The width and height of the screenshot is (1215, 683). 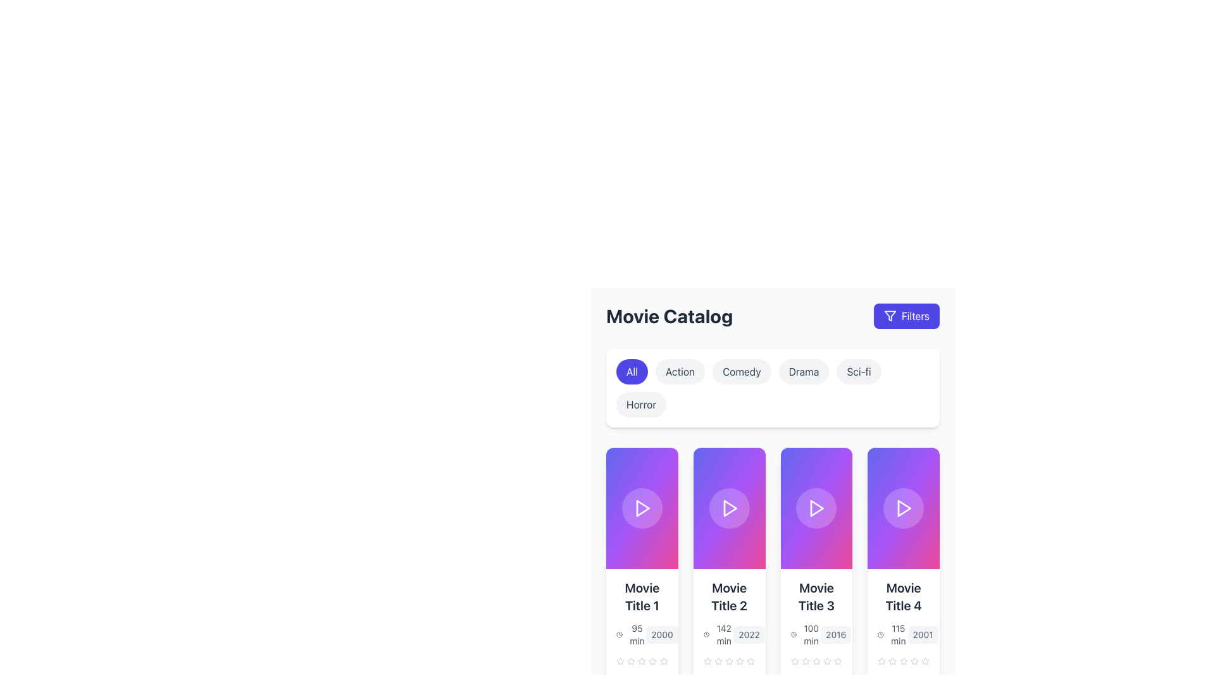 I want to click on the fifth star rating element for 'Movie Title 4' located in the bottom section of the movie card, so click(x=881, y=660).